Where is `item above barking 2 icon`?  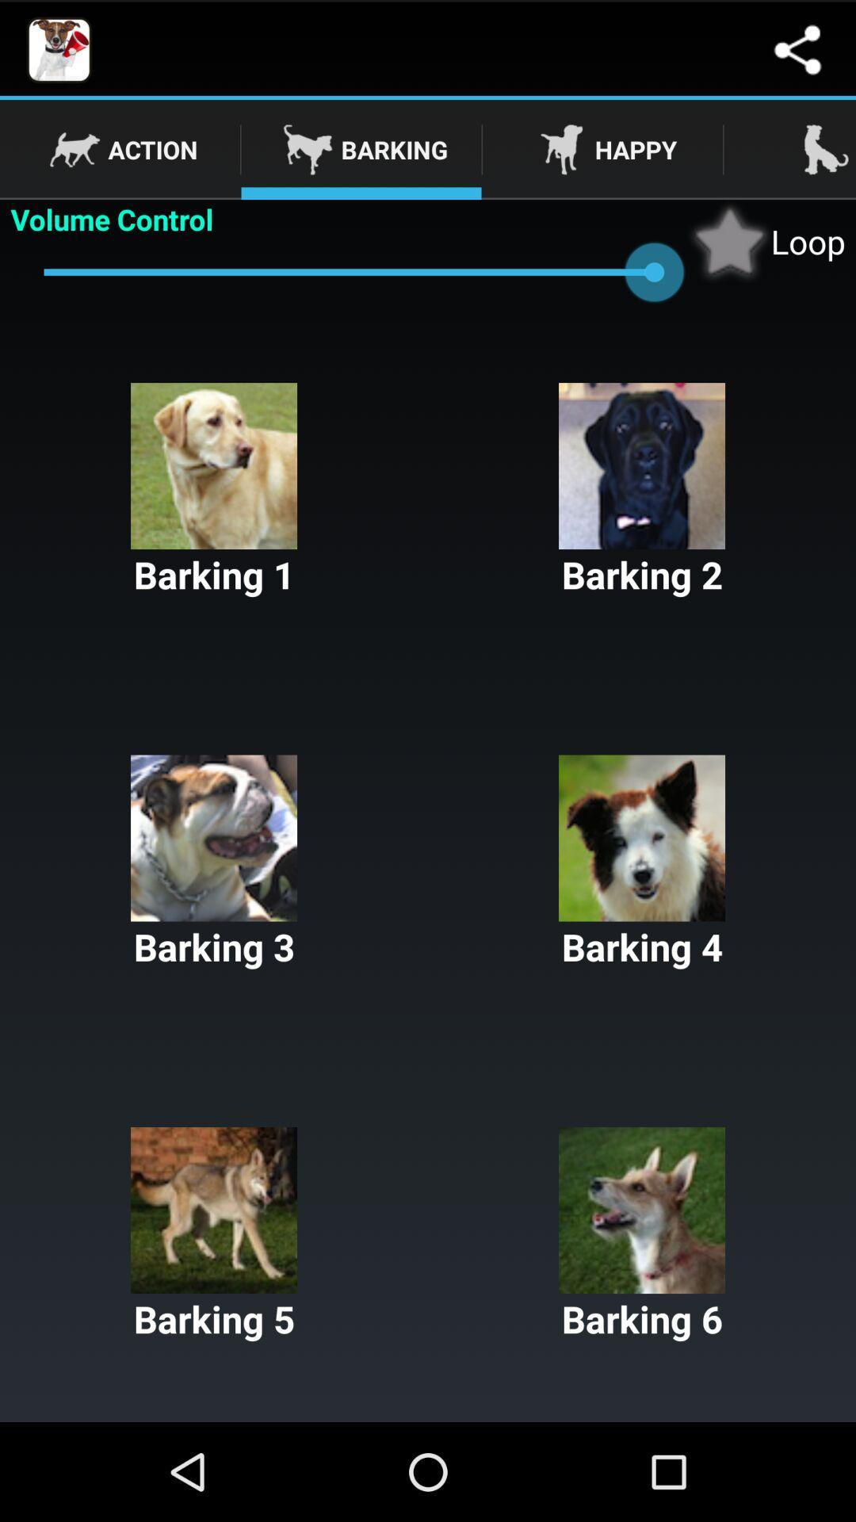 item above barking 2 icon is located at coordinates (766, 240).